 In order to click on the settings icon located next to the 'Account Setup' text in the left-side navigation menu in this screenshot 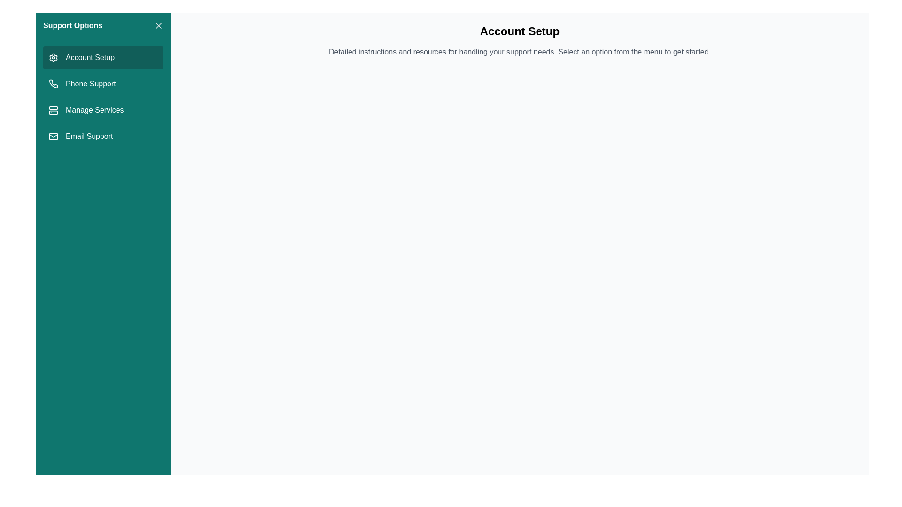, I will do `click(53, 58)`.